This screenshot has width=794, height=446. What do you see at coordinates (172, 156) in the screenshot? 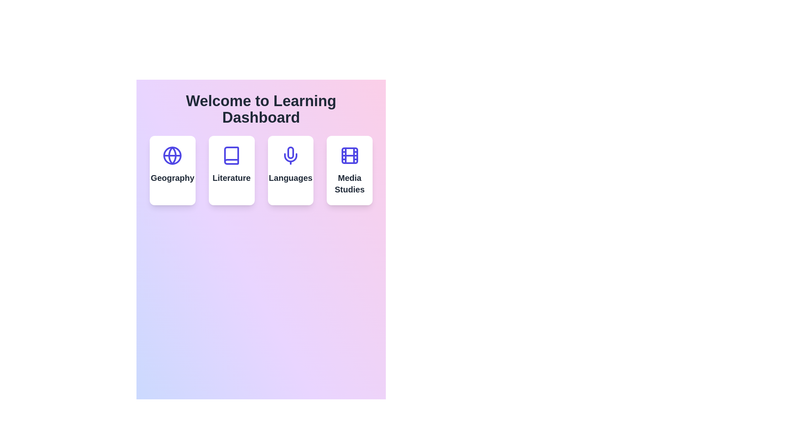
I see `the globe icon representing the 'Geography' section of the dashboard` at bounding box center [172, 156].